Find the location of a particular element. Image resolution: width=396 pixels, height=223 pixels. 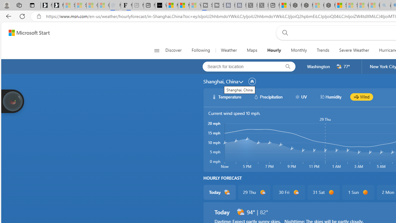

'31 Sat d0000' is located at coordinates (323, 192).